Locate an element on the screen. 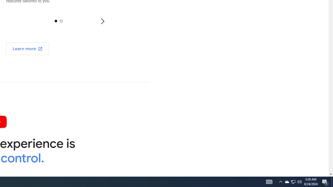  'Next' is located at coordinates (102, 21).